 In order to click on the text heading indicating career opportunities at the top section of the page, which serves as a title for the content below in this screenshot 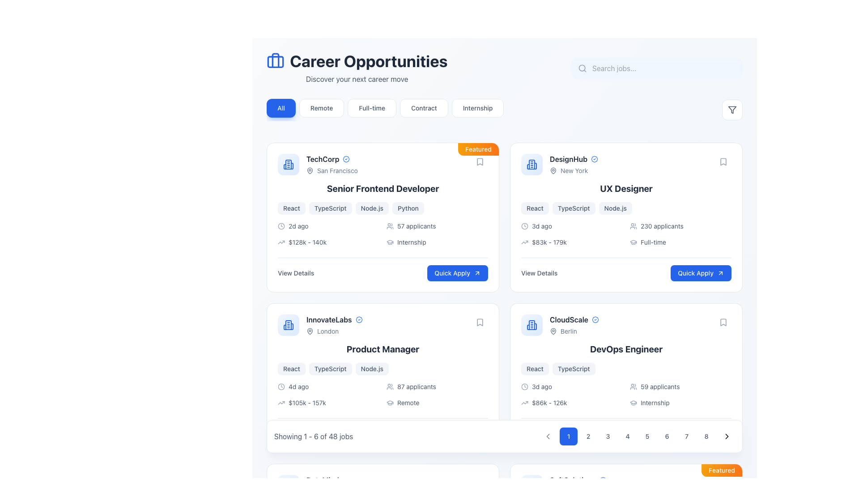, I will do `click(357, 61)`.